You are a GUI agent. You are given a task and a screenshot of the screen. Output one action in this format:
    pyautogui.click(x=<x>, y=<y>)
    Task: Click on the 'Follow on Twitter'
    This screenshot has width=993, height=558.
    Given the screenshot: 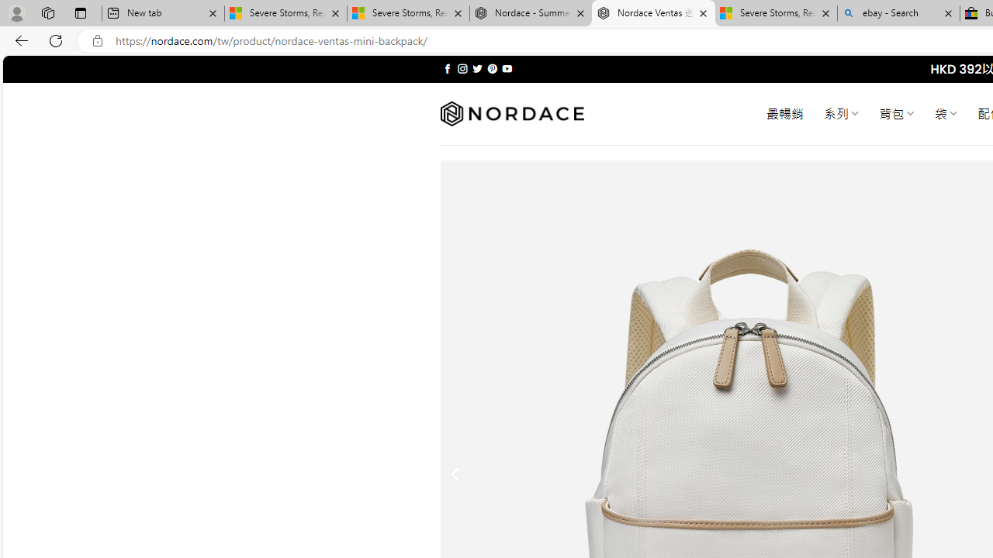 What is the action you would take?
    pyautogui.click(x=476, y=68)
    